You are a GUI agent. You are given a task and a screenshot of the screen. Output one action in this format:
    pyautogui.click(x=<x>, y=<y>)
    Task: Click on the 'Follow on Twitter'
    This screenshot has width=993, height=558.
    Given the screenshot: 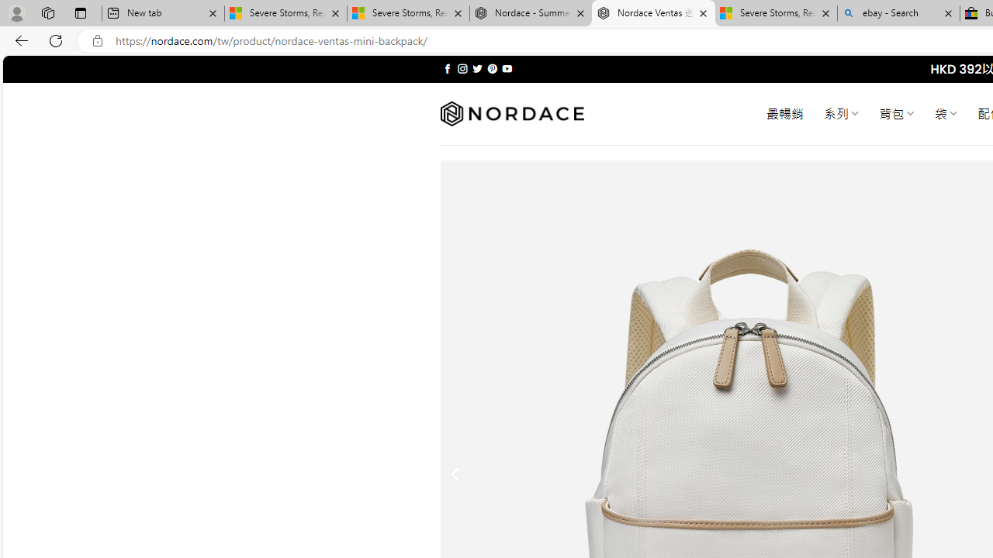 What is the action you would take?
    pyautogui.click(x=476, y=68)
    